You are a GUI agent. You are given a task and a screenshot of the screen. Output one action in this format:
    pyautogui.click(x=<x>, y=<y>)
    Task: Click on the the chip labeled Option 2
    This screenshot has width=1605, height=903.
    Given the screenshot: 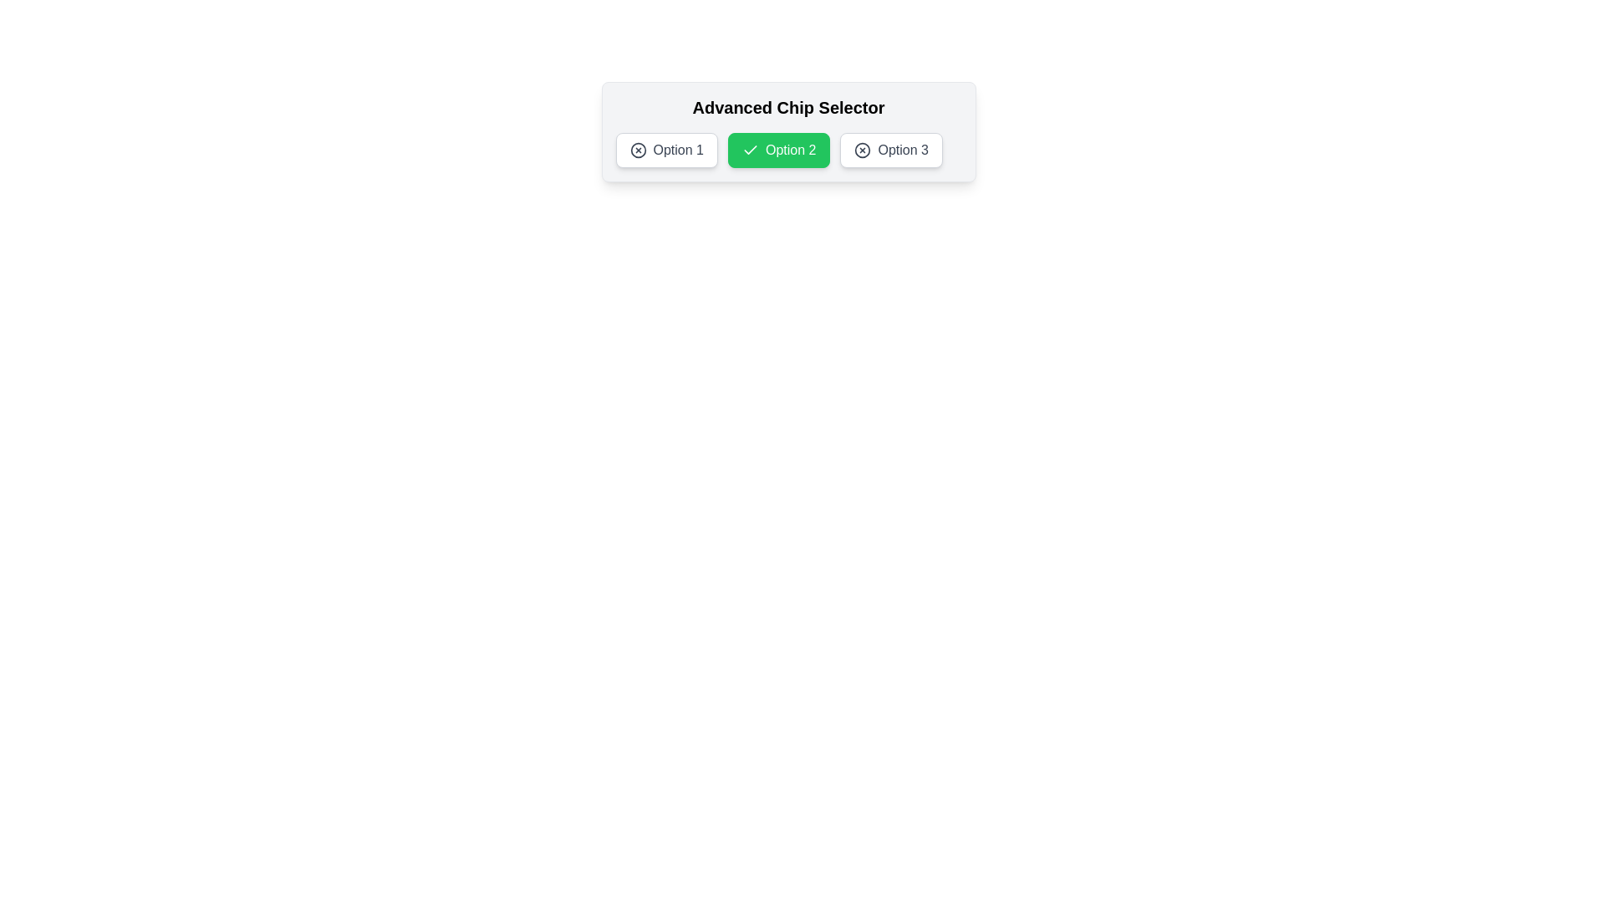 What is the action you would take?
    pyautogui.click(x=778, y=150)
    